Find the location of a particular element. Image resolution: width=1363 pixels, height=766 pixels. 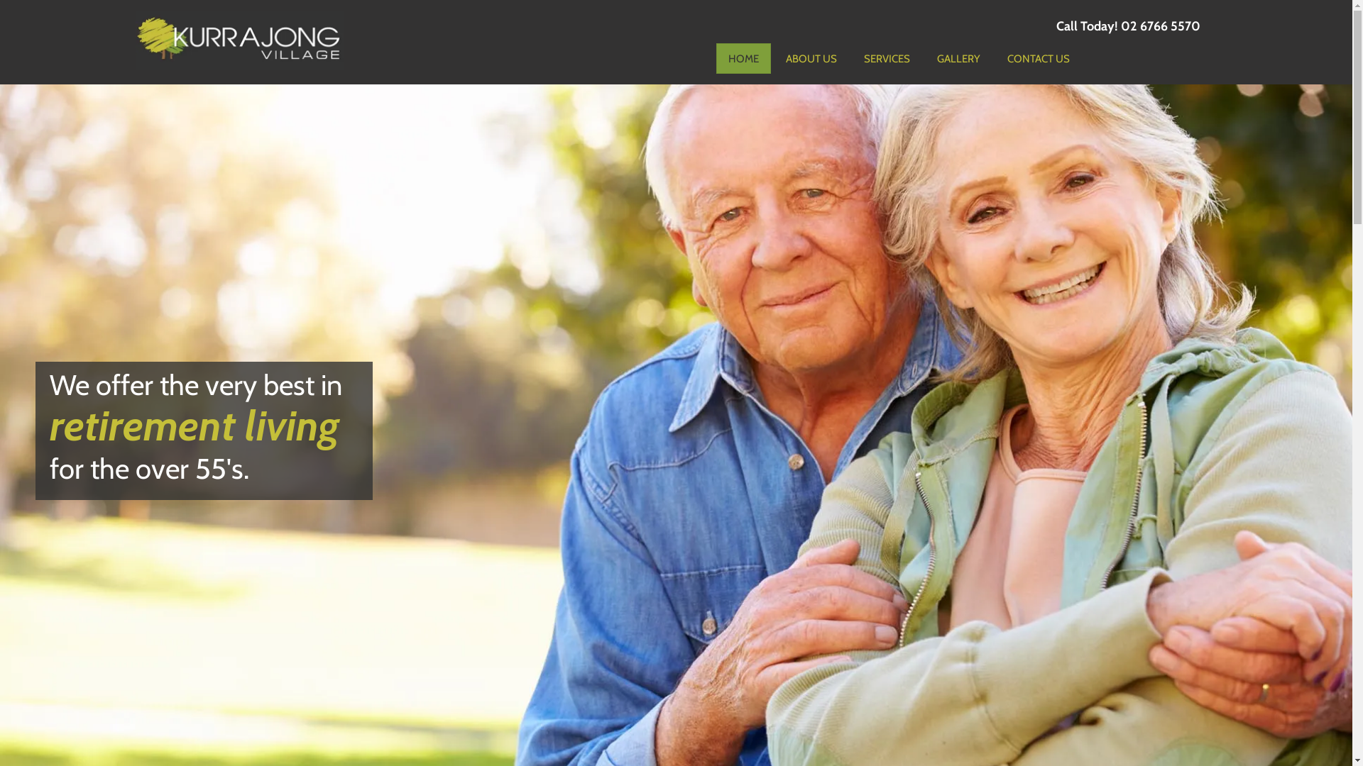

'CONTACT US' is located at coordinates (1039, 57).